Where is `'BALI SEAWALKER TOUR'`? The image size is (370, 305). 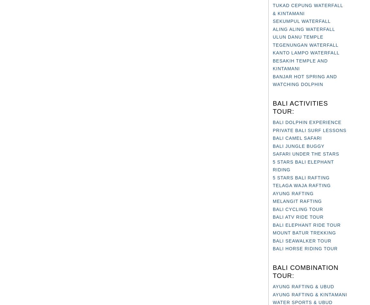
'BALI SEAWALKER TOUR' is located at coordinates (302, 240).